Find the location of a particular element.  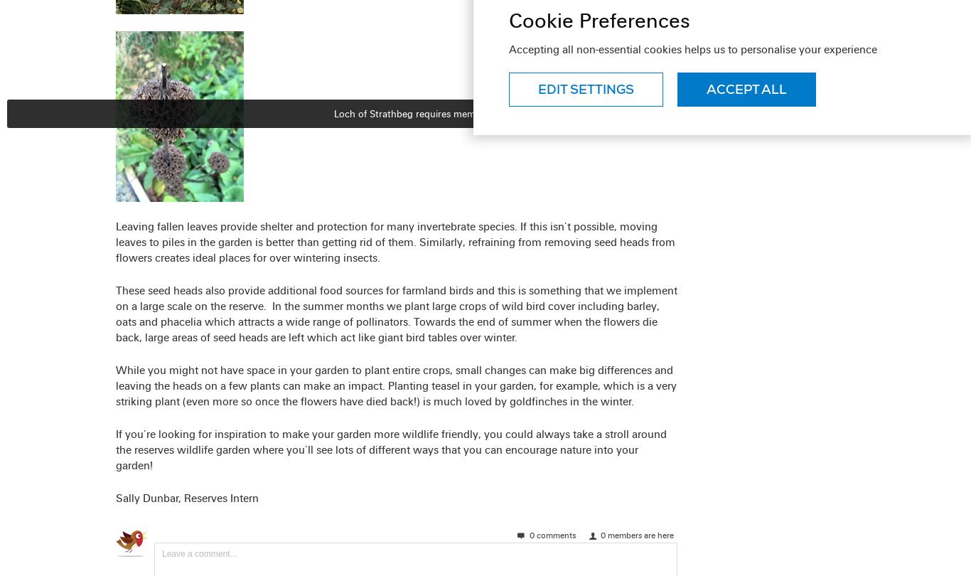

'Cookie Preferences' is located at coordinates (599, 20).